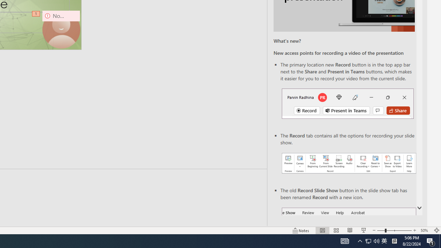  Describe the element at coordinates (36, 14) in the screenshot. I see `'Animation, sequence 1, on Camera 9'` at that location.